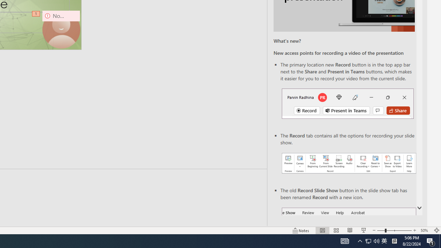  Describe the element at coordinates (36, 14) in the screenshot. I see `'Animation, sequence 1, on Camera 9'` at that location.